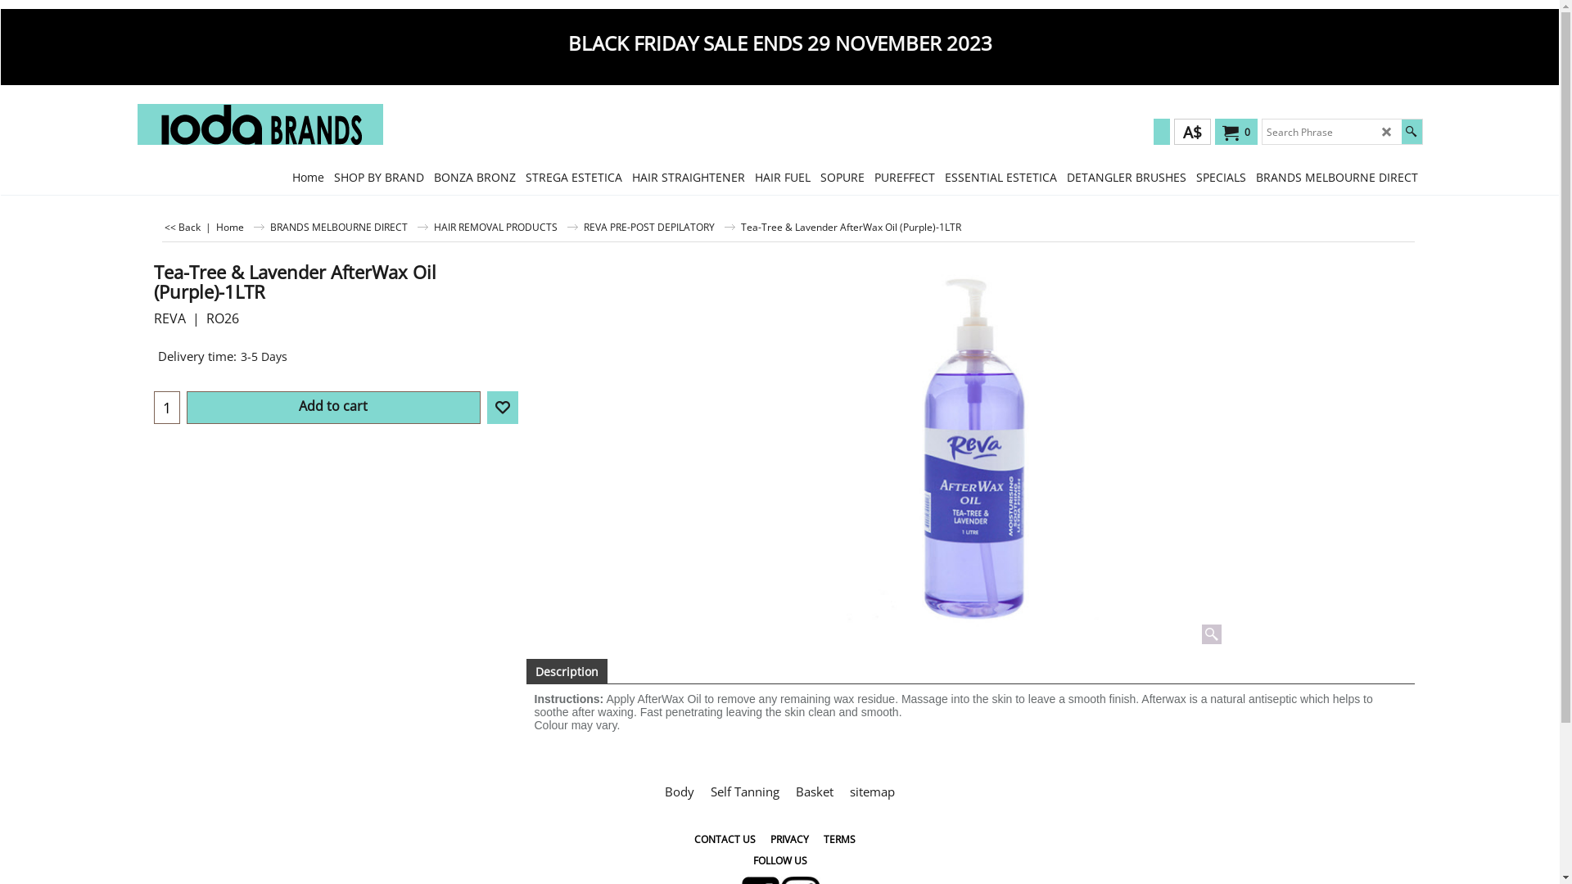 The image size is (1572, 884). What do you see at coordinates (573, 176) in the screenshot?
I see `'STREGA ESTETICA'` at bounding box center [573, 176].